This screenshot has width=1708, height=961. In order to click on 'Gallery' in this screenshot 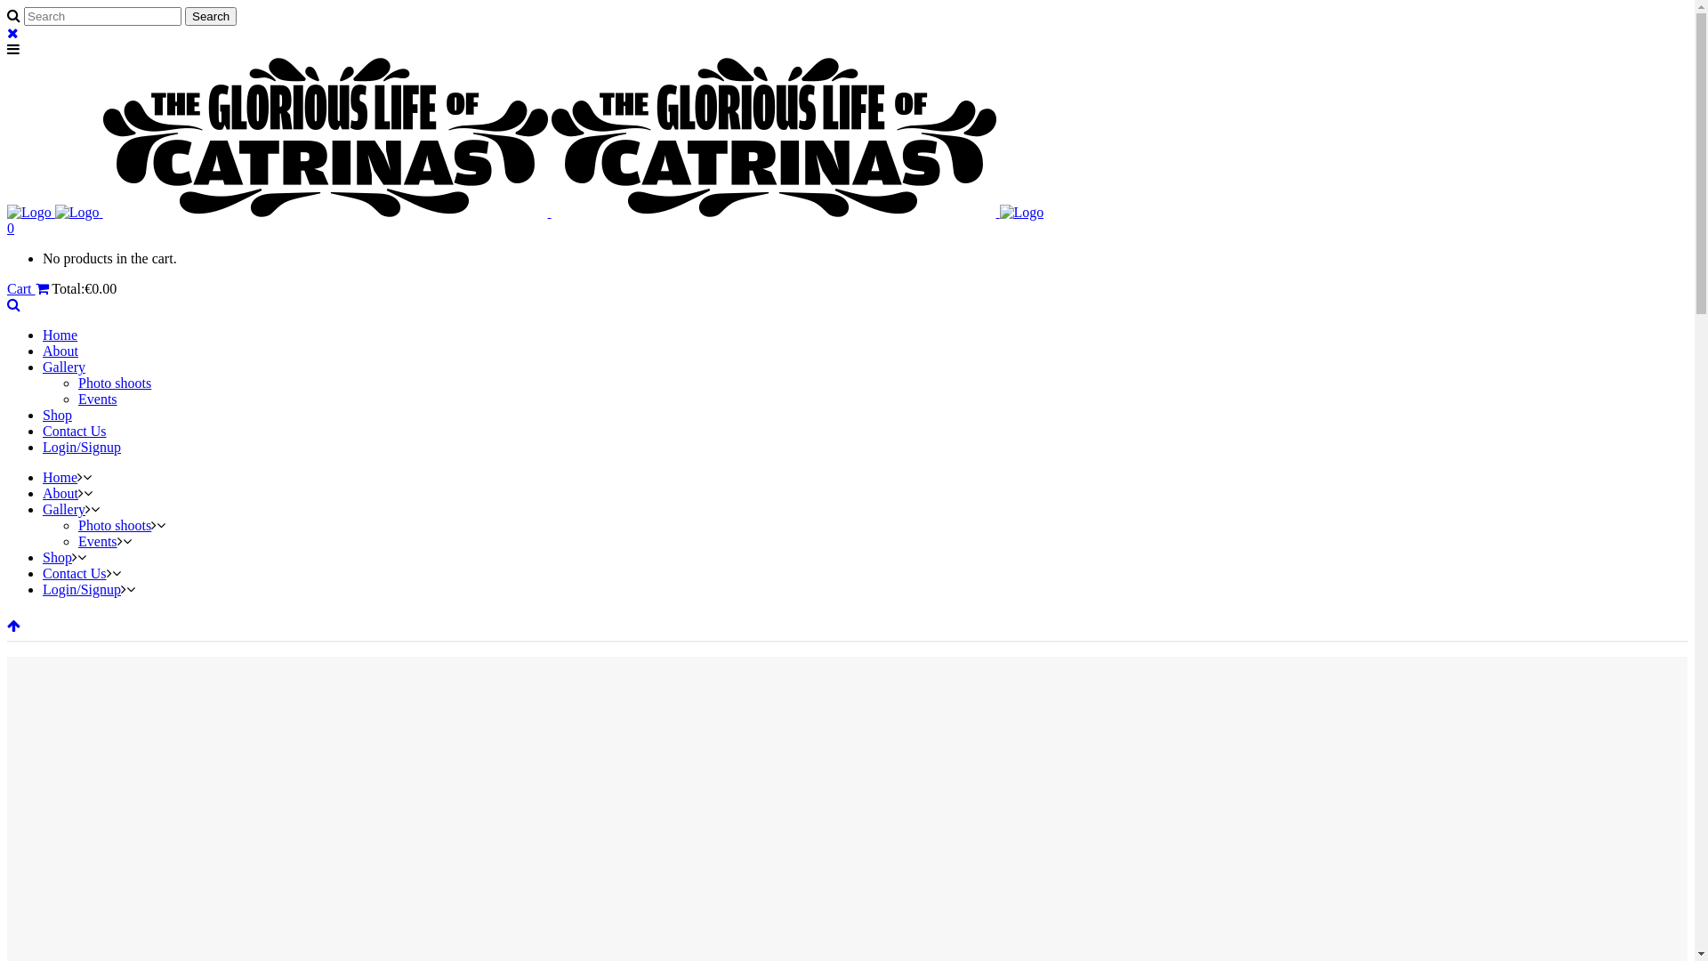, I will do `click(64, 366)`.